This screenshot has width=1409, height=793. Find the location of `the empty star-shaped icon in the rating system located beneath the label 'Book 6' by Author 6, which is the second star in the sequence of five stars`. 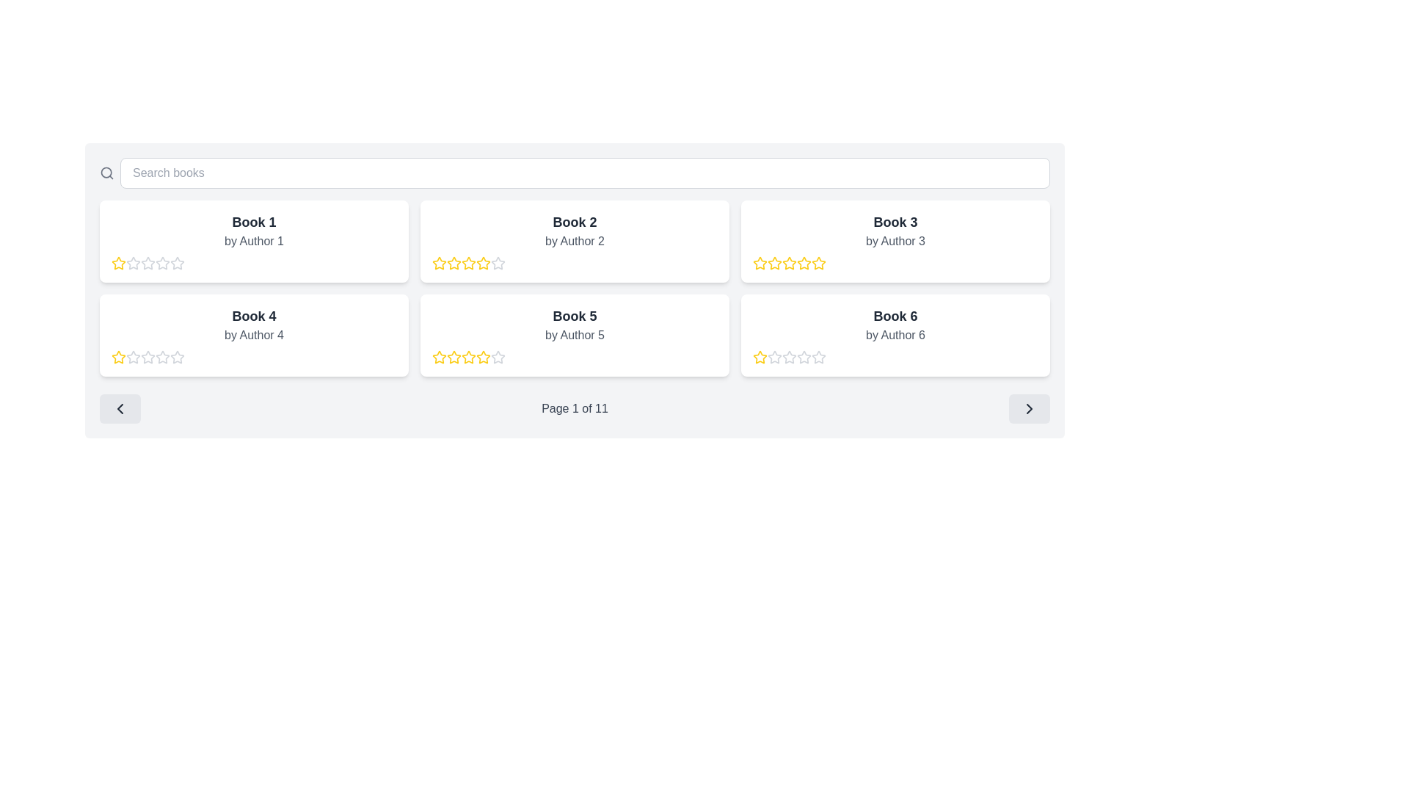

the empty star-shaped icon in the rating system located beneath the label 'Book 6' by Author 6, which is the second star in the sequence of five stars is located at coordinates (818, 357).